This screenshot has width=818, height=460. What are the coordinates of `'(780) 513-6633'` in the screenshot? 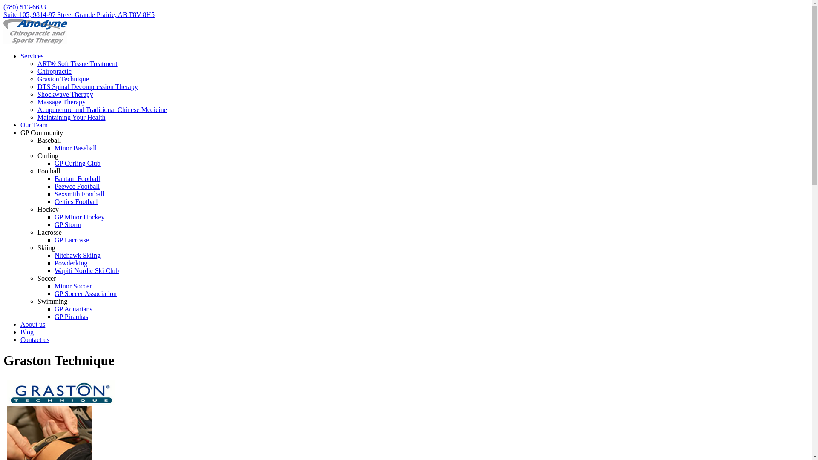 It's located at (24, 7).